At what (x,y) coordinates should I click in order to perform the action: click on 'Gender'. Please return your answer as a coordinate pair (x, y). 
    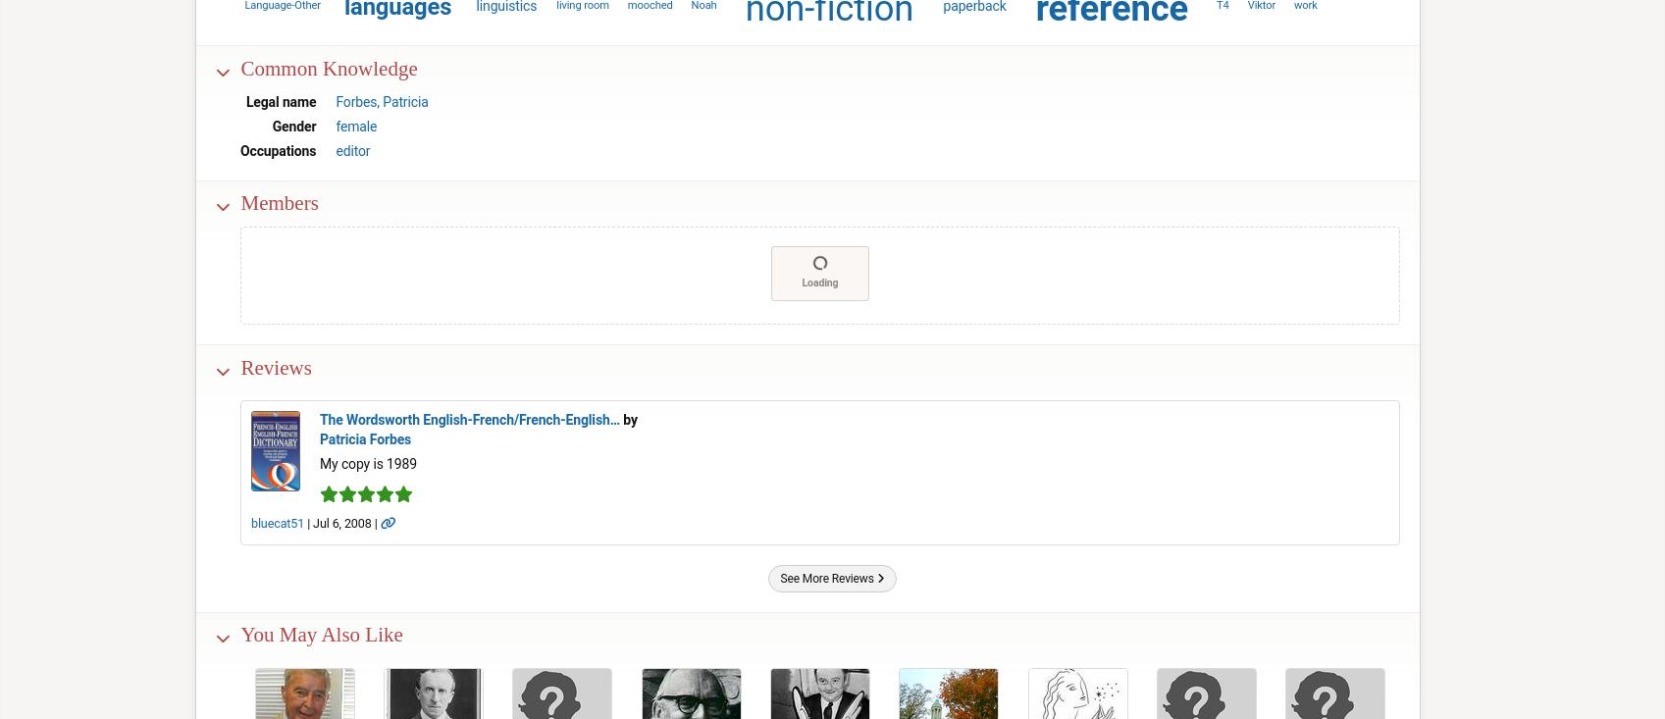
    Looking at the image, I should click on (292, 125).